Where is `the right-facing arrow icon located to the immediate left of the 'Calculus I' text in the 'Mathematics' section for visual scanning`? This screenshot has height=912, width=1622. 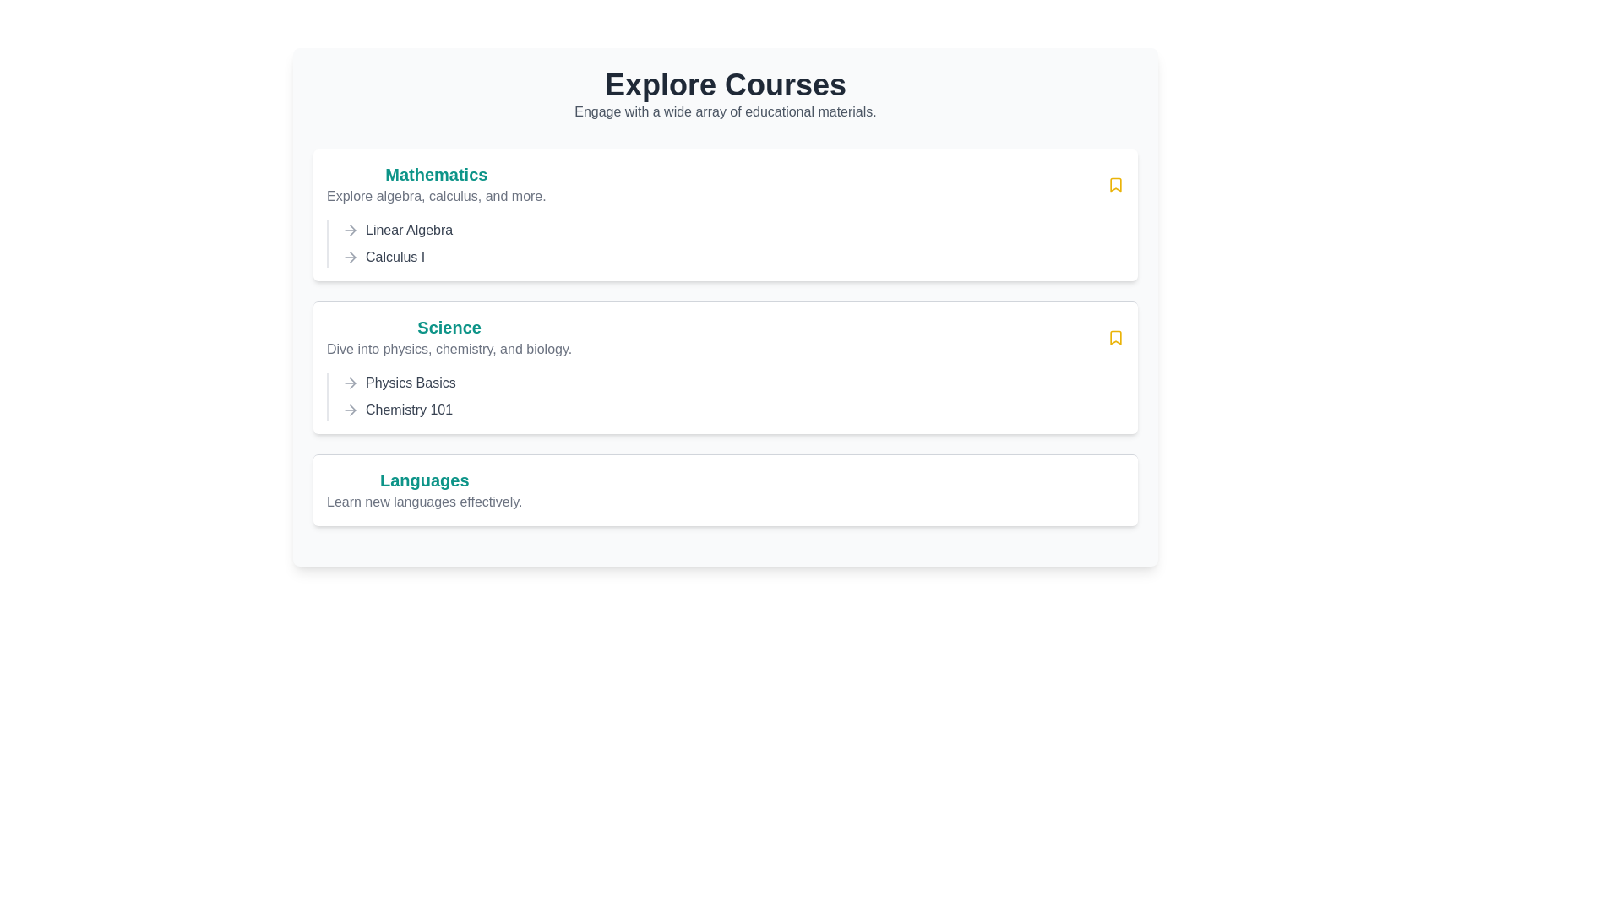
the right-facing arrow icon located to the immediate left of the 'Calculus I' text in the 'Mathematics' section for visual scanning is located at coordinates (349, 257).